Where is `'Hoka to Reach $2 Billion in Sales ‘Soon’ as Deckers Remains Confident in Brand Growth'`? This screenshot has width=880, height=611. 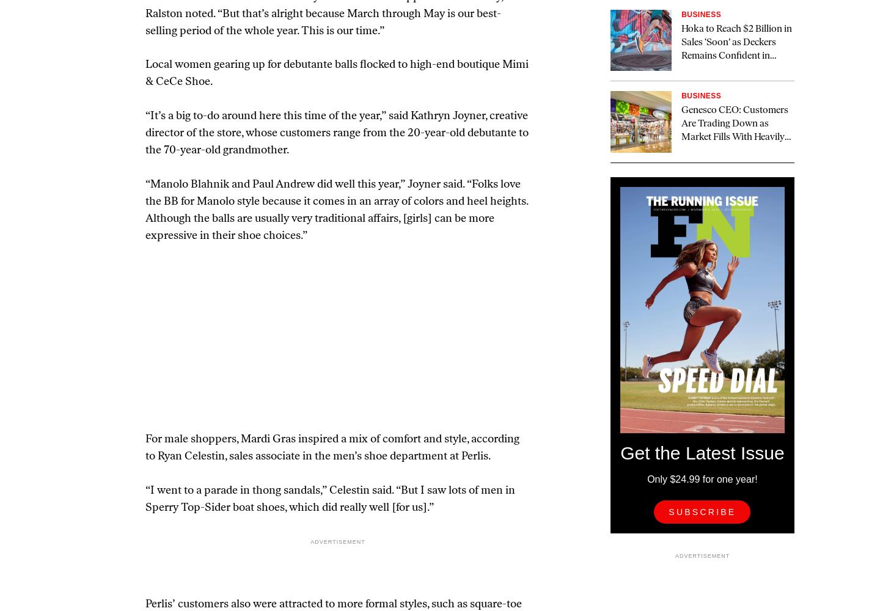
'Hoka to Reach $2 Billion in Sales ‘Soon’ as Deckers Remains Confident in Brand Growth' is located at coordinates (736, 49).